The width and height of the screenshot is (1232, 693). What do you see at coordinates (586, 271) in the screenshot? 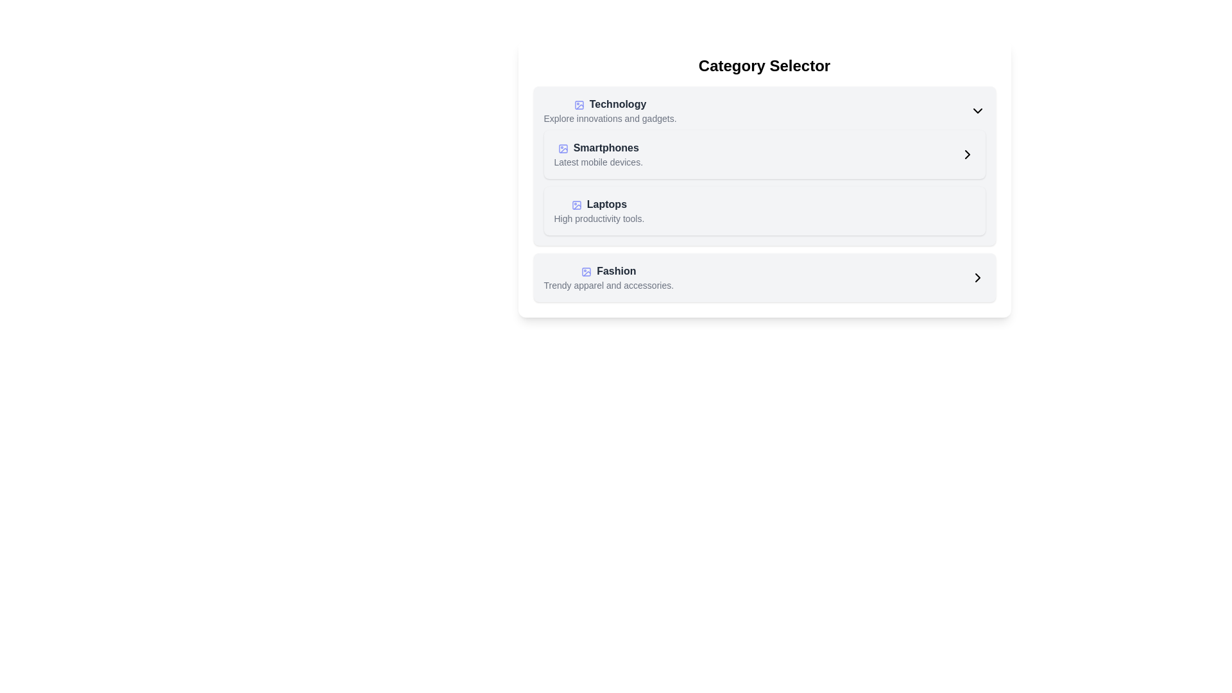
I see `the SVG rectangle icon, which is a rounded rectangle with curved corners, located adjacent to the 'Fashion' category text in the lower section of the 'Category Selector' component` at bounding box center [586, 271].